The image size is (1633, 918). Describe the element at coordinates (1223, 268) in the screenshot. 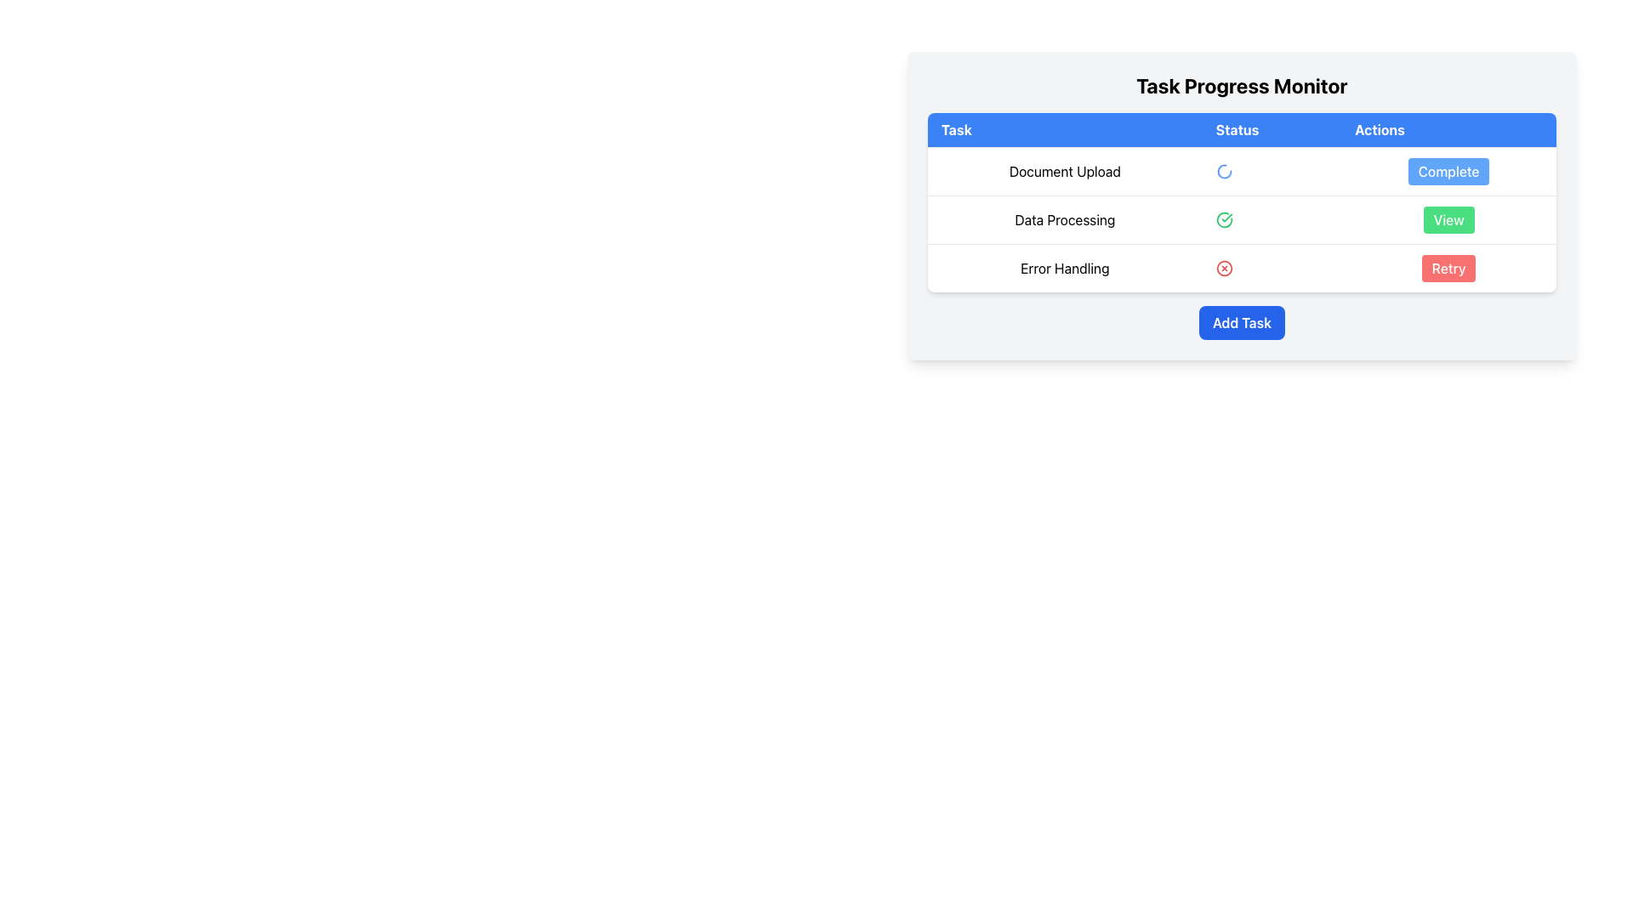

I see `the error indicator icon located in the 'Actions' column of the 'Task Progress Monitor' table` at that location.